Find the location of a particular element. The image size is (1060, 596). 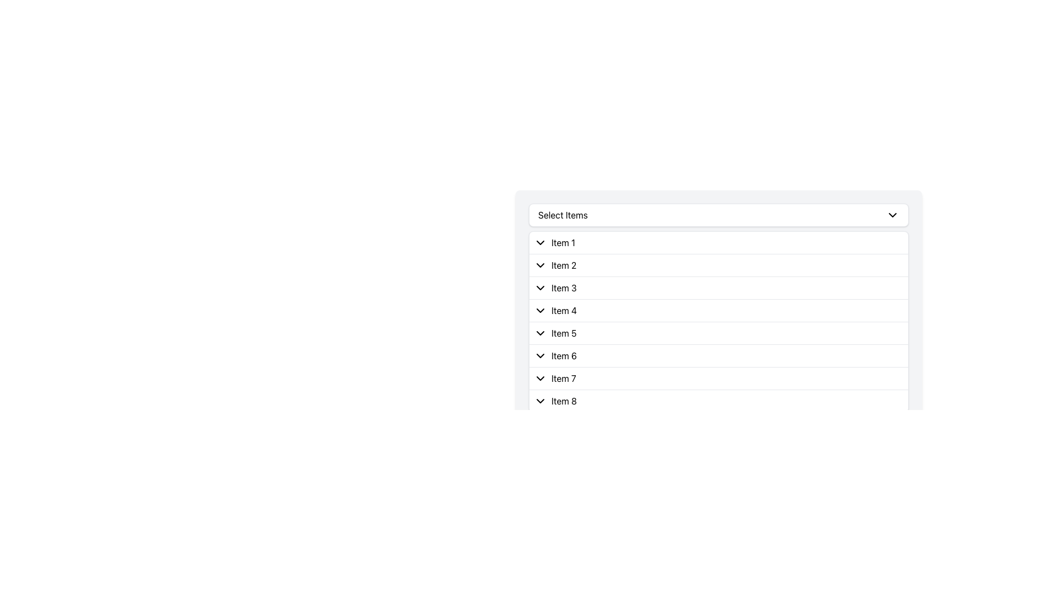

the fourth dropdown list item labeled 'Item 4' is located at coordinates (718, 310).